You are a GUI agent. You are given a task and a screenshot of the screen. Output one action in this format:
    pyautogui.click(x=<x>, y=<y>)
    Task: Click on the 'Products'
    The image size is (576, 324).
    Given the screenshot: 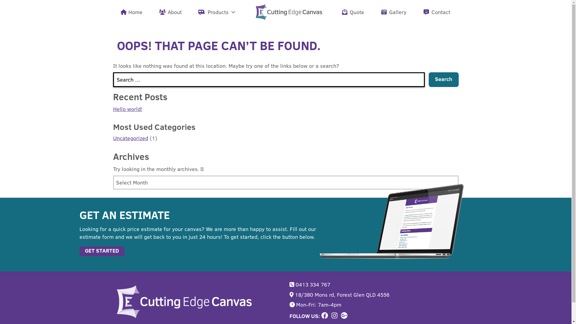 What is the action you would take?
    pyautogui.click(x=217, y=12)
    